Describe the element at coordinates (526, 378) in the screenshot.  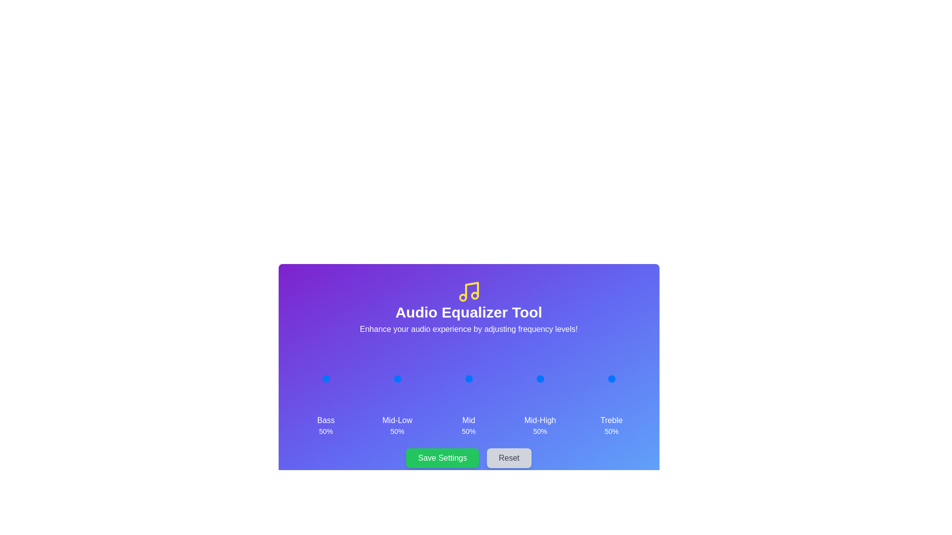
I see `the 3 slider to 8%` at that location.